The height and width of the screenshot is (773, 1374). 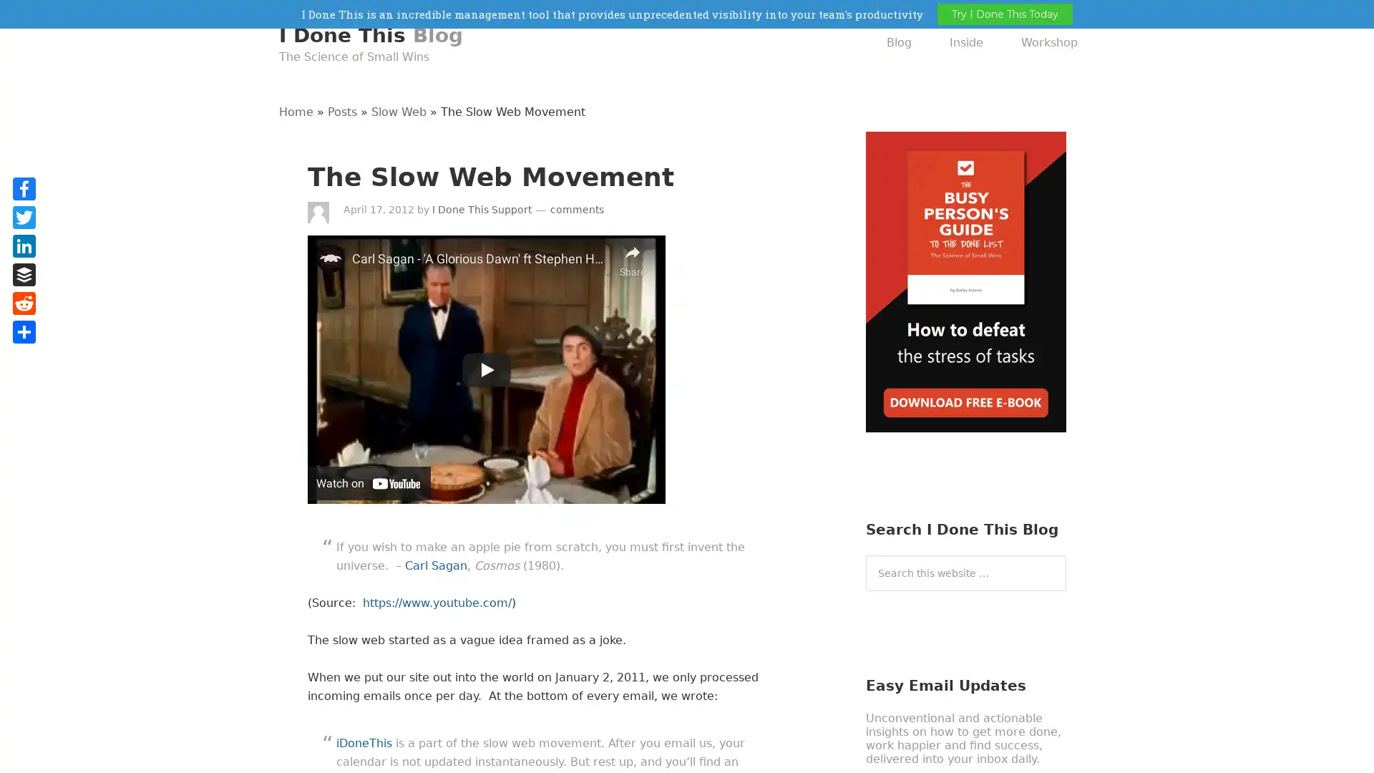 I want to click on Search, so click(x=1066, y=554).